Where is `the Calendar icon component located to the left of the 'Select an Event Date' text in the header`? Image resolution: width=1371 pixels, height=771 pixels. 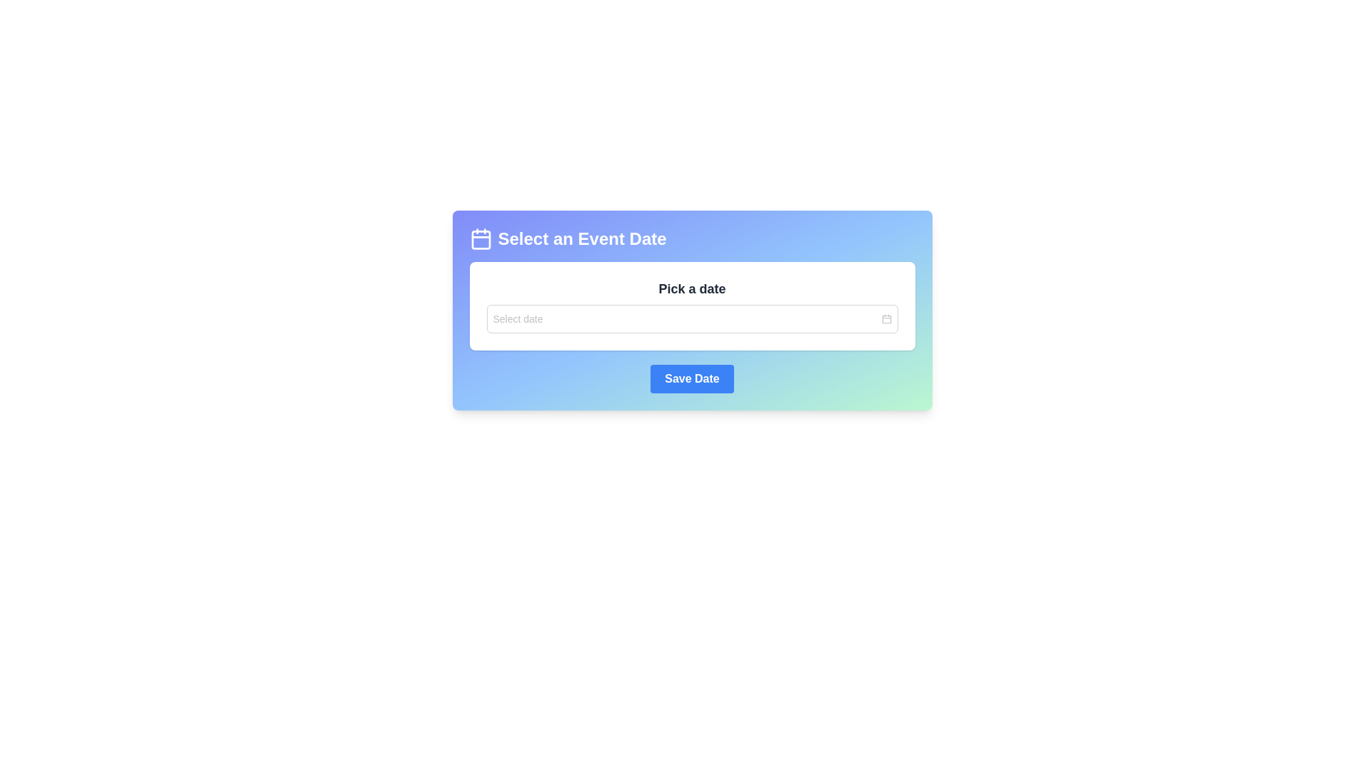
the Calendar icon component located to the left of the 'Select an Event Date' text in the header is located at coordinates (481, 239).